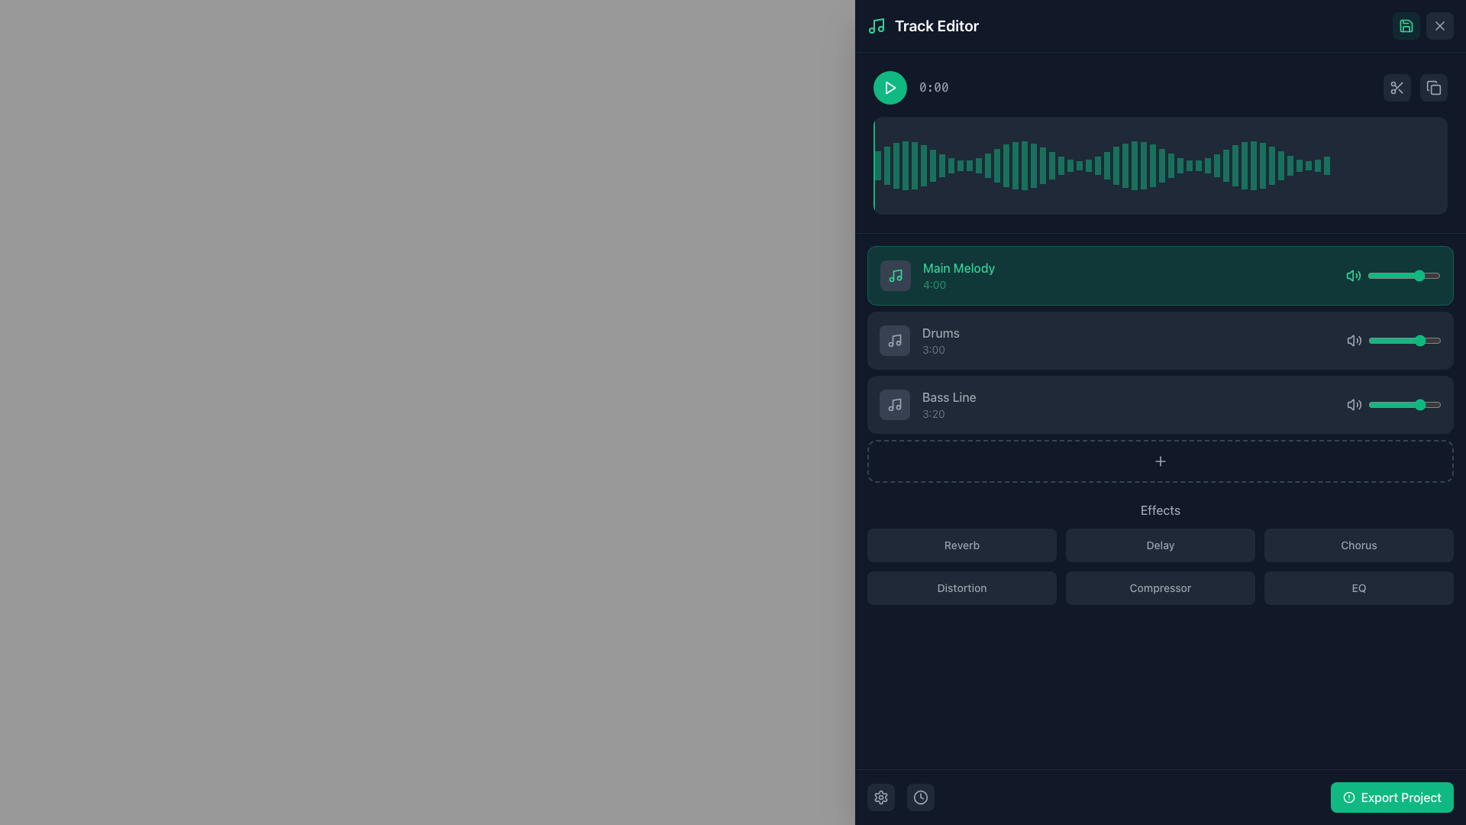 The image size is (1466, 825). What do you see at coordinates (1401, 403) in the screenshot?
I see `the slider value` at bounding box center [1401, 403].